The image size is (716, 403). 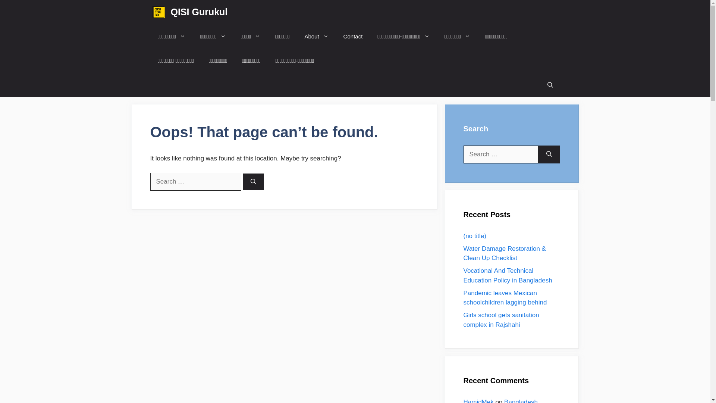 What do you see at coordinates (199, 12) in the screenshot?
I see `'QISI Gurukul'` at bounding box center [199, 12].